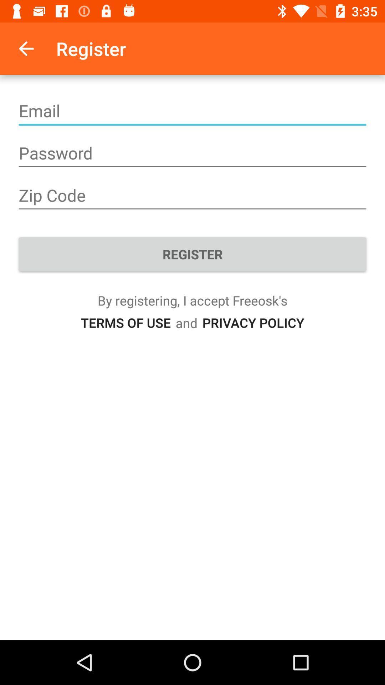 The height and width of the screenshot is (685, 385). I want to click on the icon next to the register, so click(26, 48).